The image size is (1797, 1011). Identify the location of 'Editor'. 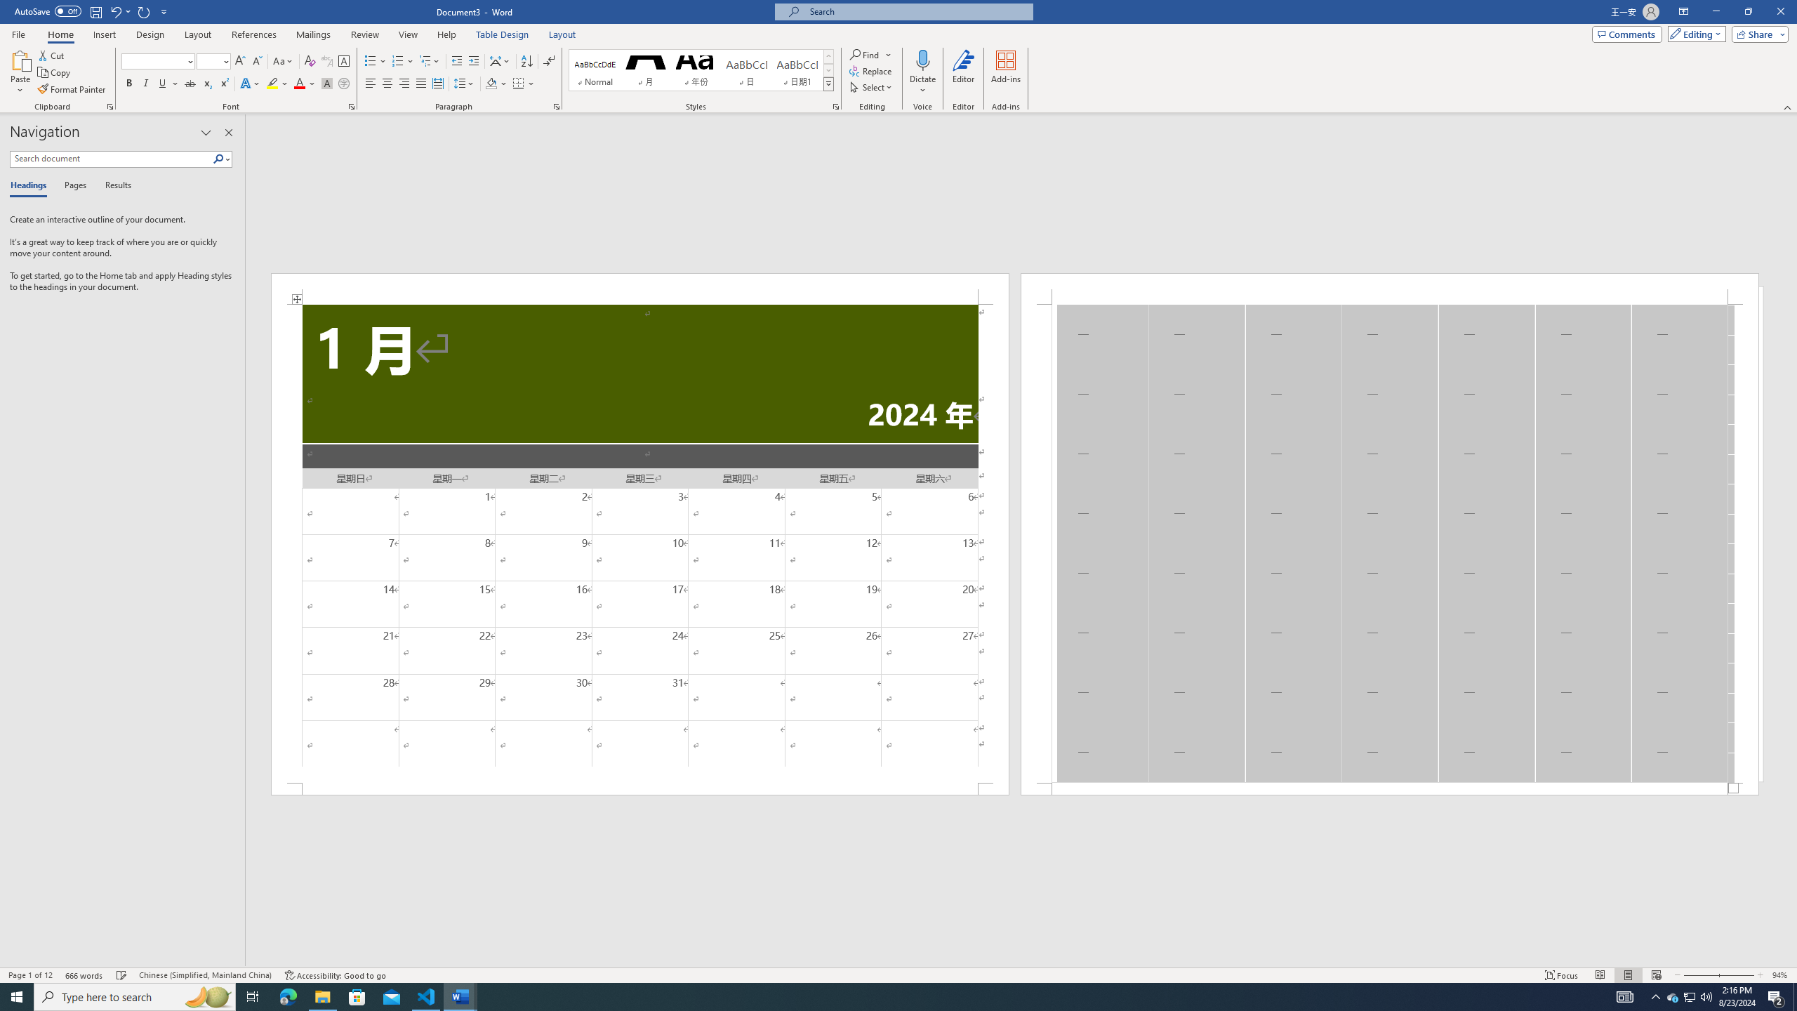
(964, 72).